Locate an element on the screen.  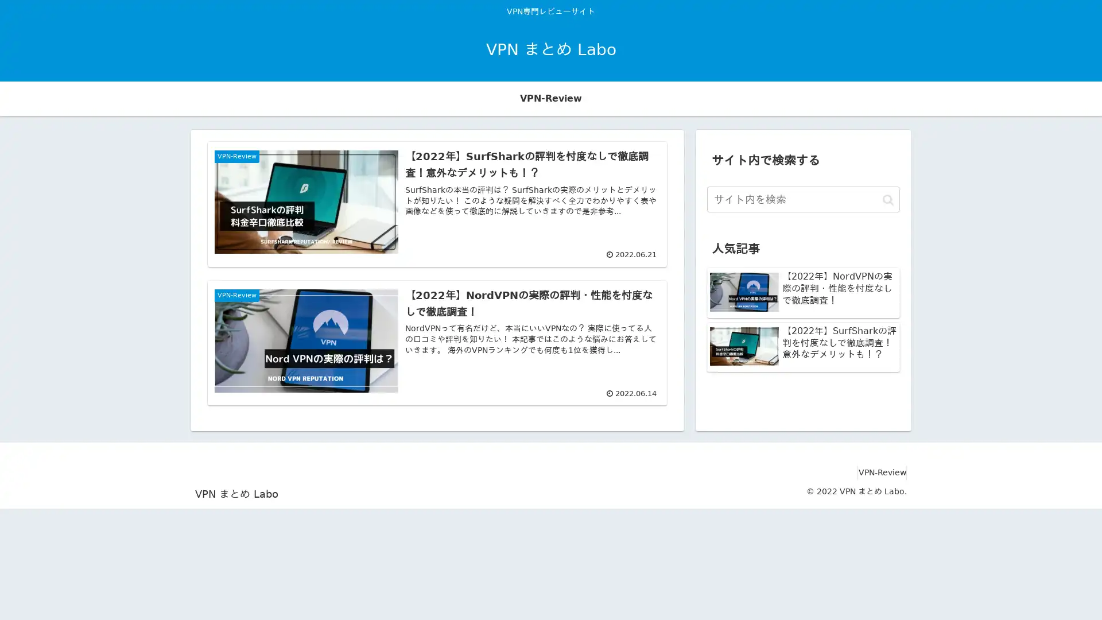
button is located at coordinates (887, 199).